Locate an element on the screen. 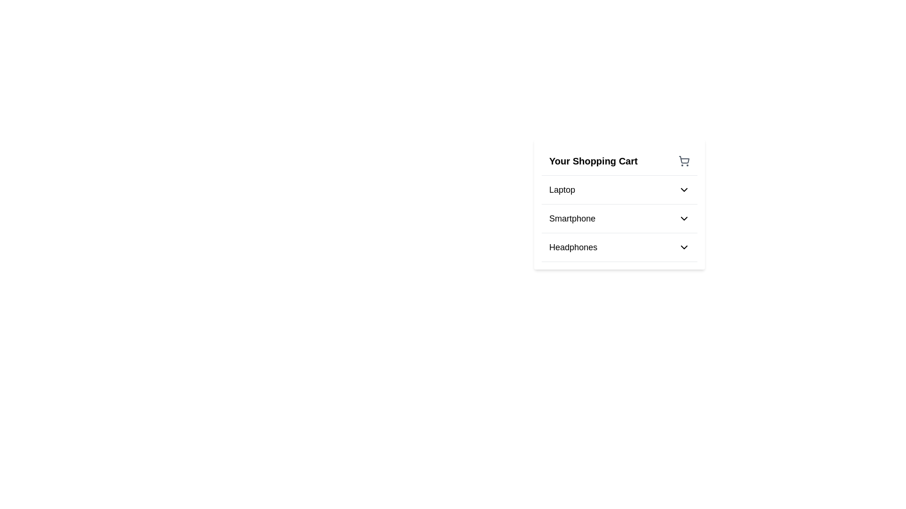  the second entry in the dropdown list representing the product category 'Smartphone' is located at coordinates (620, 218).